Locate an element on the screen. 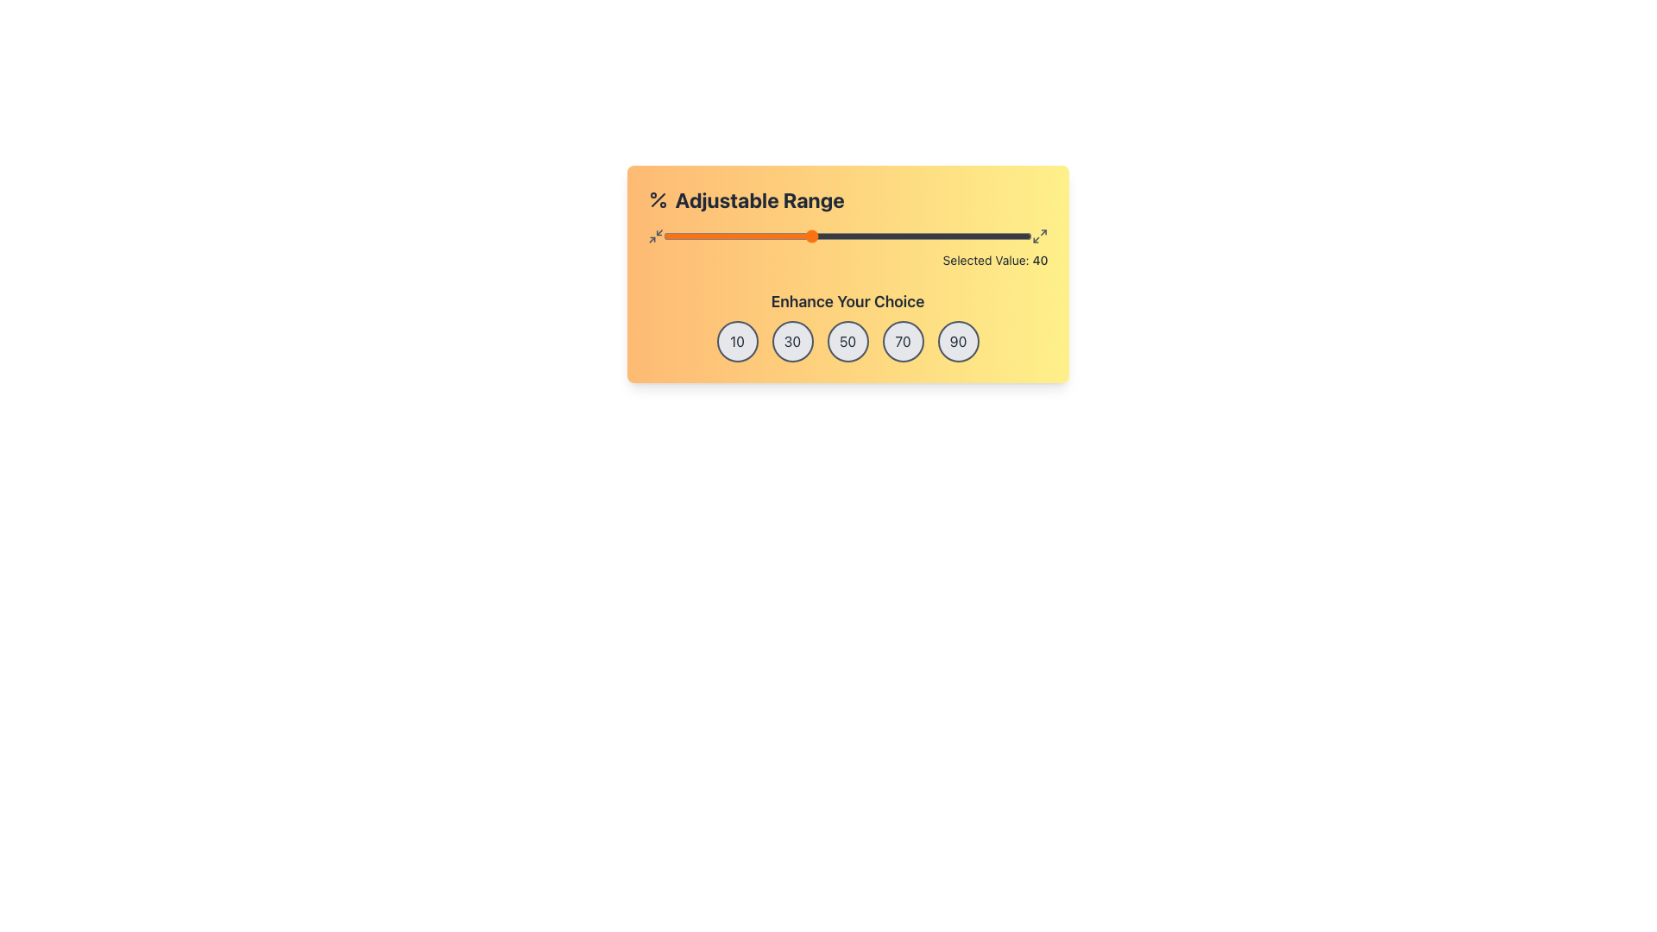 The image size is (1657, 932). the percentage is located at coordinates (1002, 236).